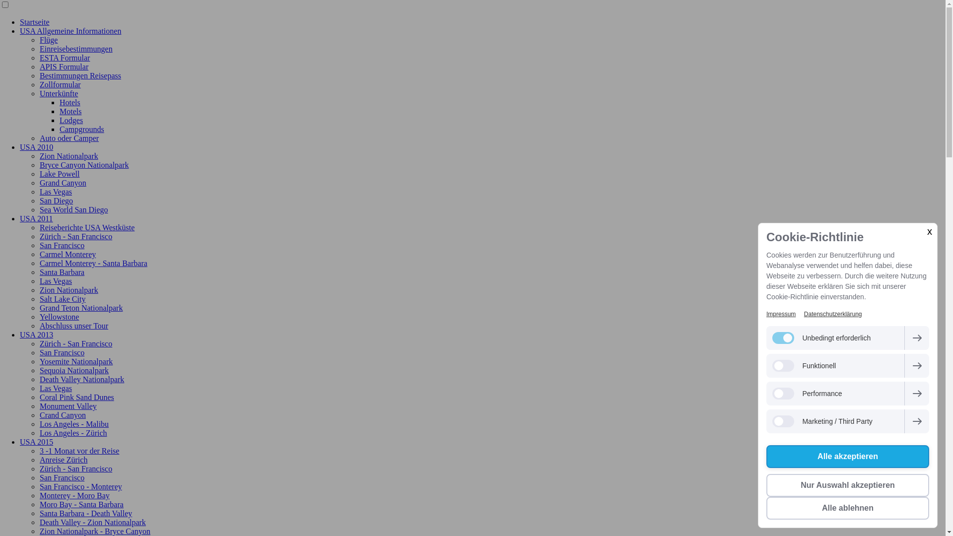 This screenshot has height=536, width=953. What do you see at coordinates (847, 508) in the screenshot?
I see `'Alle ablehnen'` at bounding box center [847, 508].